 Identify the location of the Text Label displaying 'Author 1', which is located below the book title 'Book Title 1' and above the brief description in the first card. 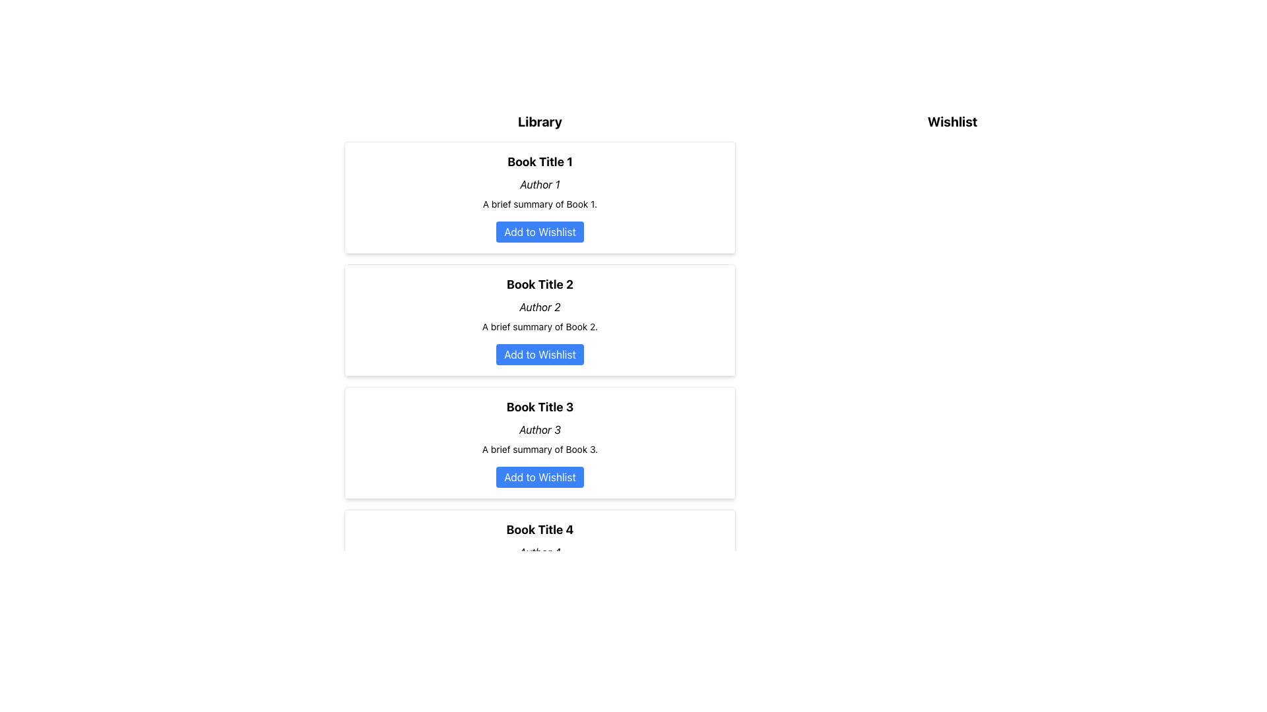
(540, 185).